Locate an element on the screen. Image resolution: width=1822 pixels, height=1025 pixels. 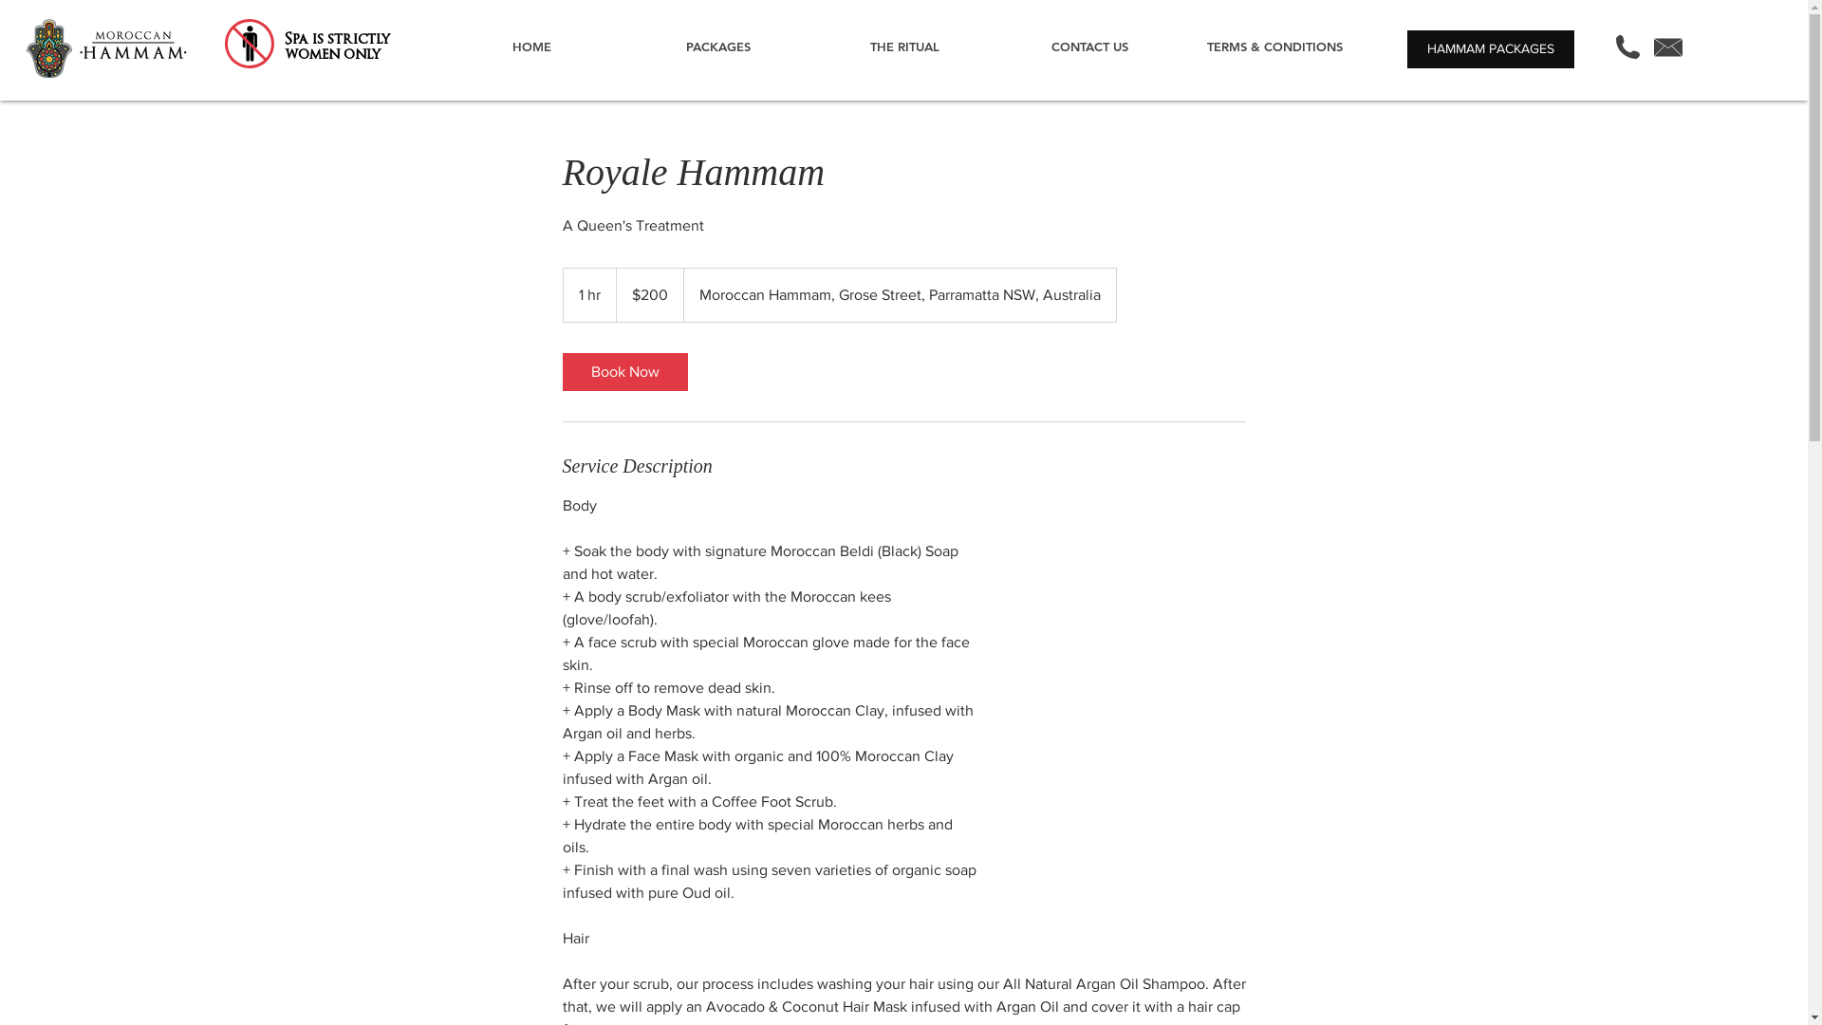
'Book Now' is located at coordinates (623, 372).